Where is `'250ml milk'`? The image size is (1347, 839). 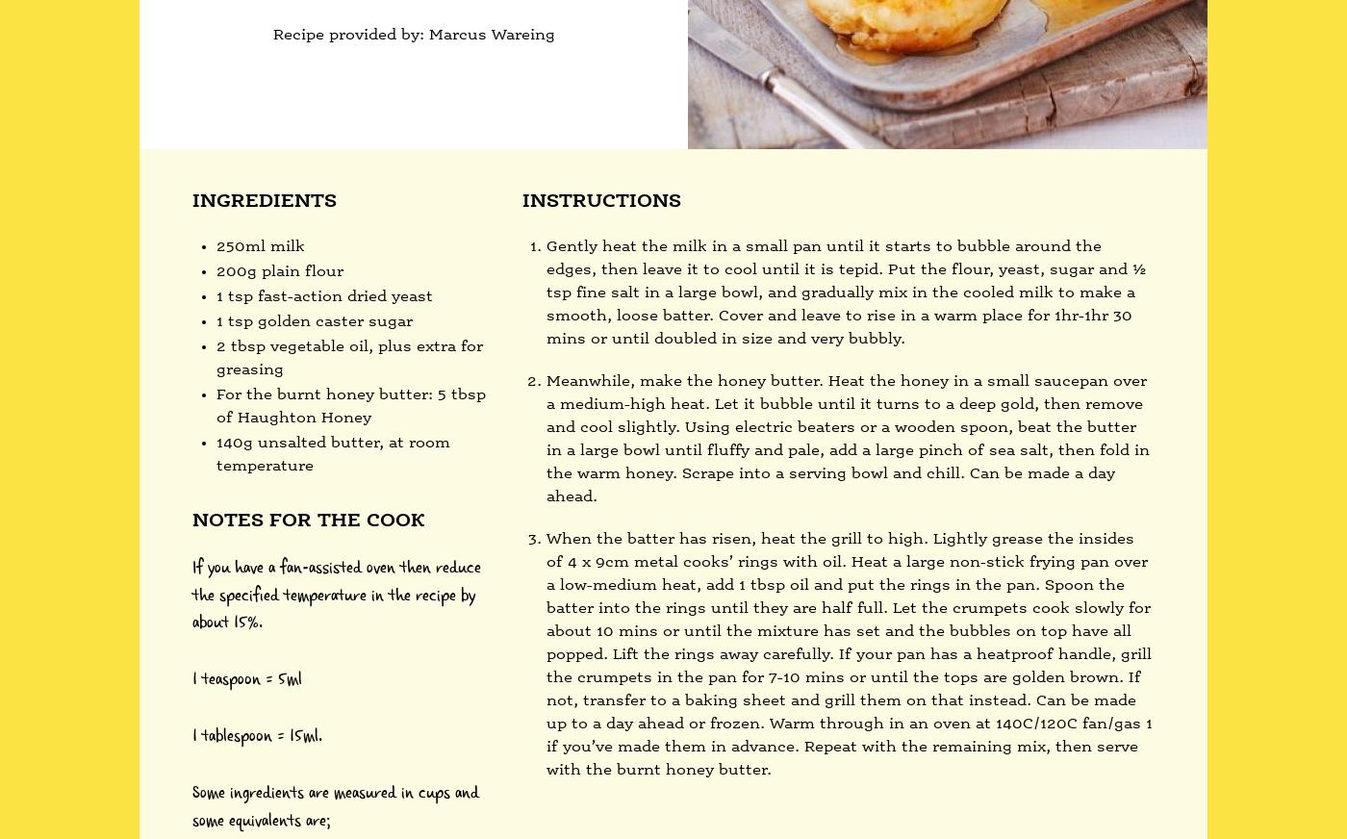 '250ml milk' is located at coordinates (261, 245).